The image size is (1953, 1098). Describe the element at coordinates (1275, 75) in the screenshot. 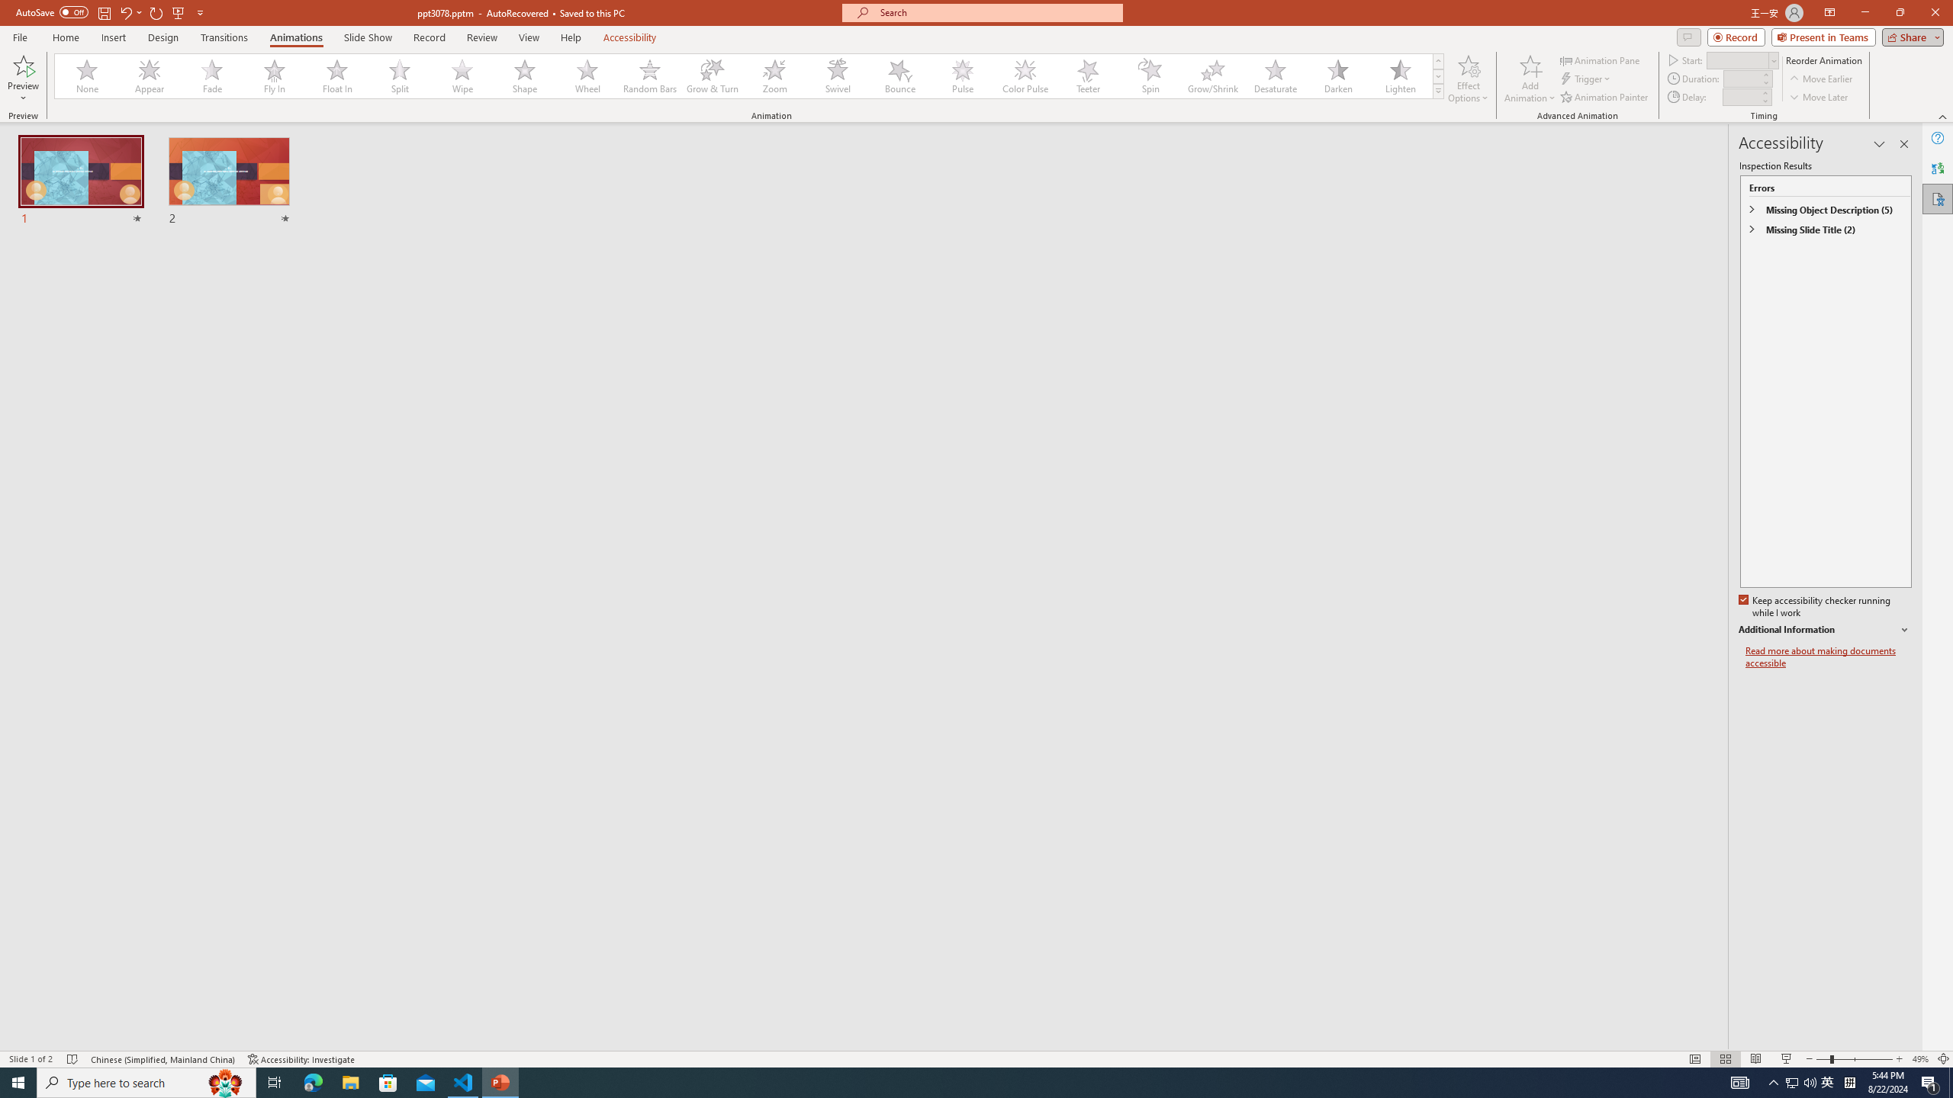

I see `'Desaturate'` at that location.